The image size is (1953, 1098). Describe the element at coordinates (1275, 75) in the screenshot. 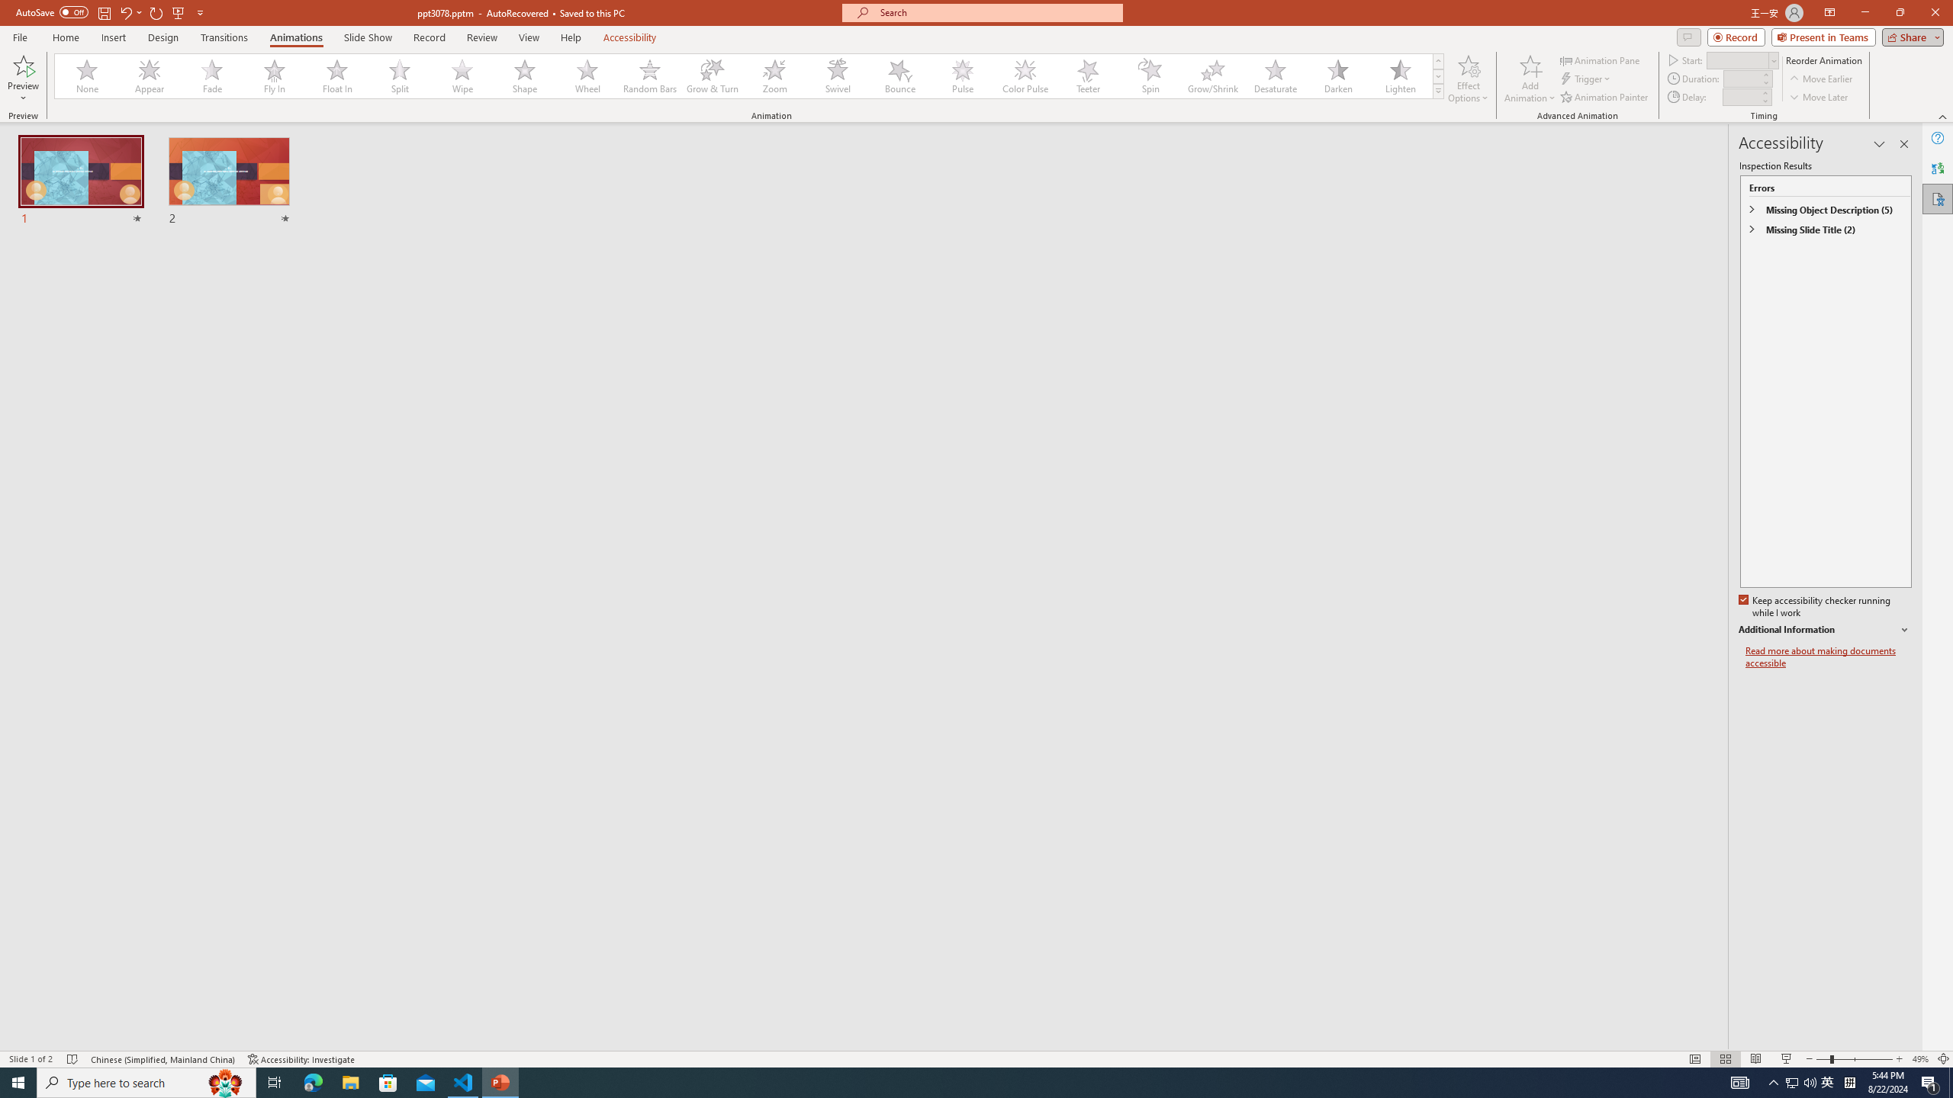

I see `'Desaturate'` at that location.